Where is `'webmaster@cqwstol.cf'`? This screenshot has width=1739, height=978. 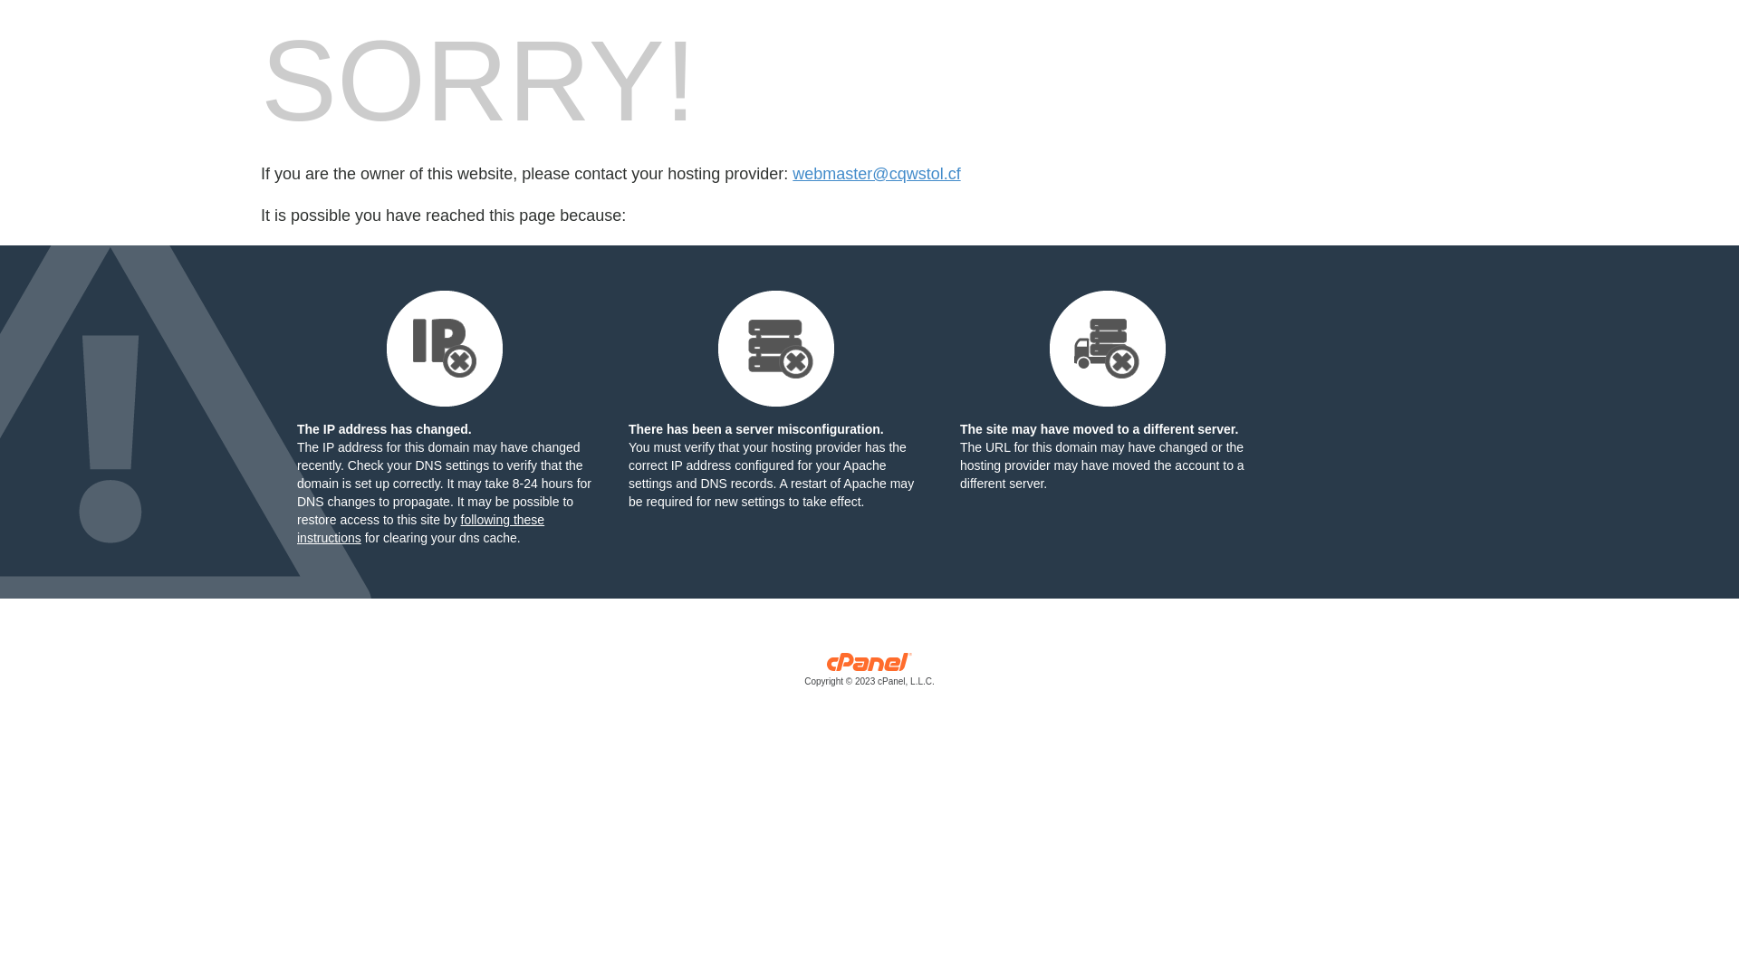
'webmaster@cqwstol.cf' is located at coordinates (876, 174).